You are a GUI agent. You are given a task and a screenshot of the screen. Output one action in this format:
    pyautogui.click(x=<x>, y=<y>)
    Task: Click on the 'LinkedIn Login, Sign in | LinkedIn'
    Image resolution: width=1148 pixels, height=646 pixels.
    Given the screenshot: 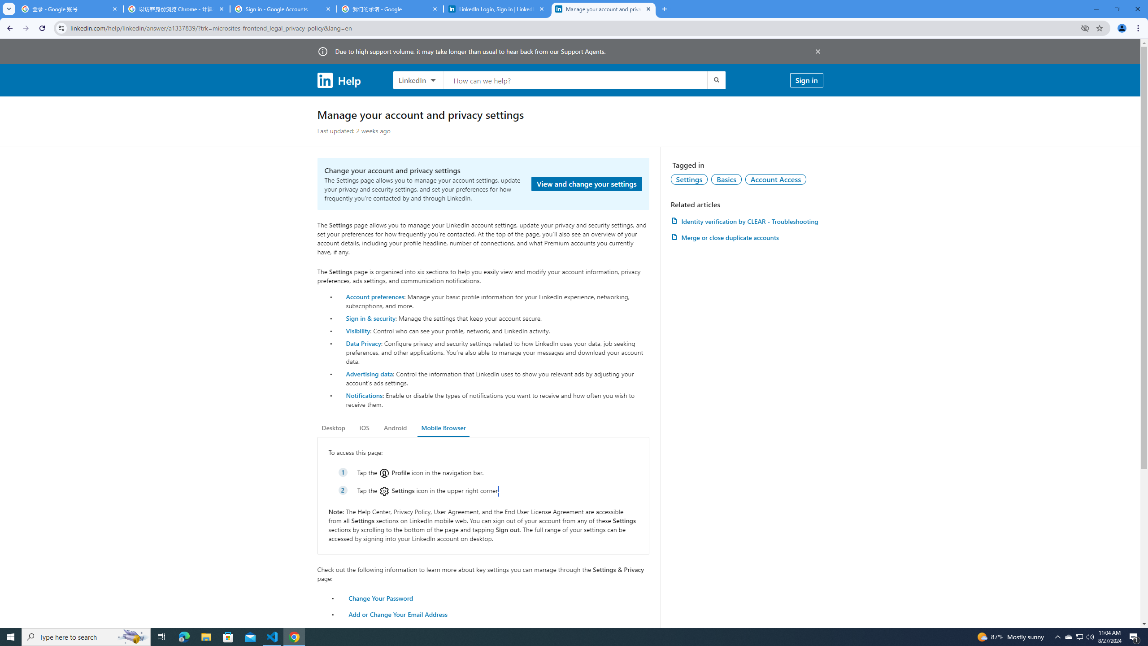 What is the action you would take?
    pyautogui.click(x=497, y=9)
    